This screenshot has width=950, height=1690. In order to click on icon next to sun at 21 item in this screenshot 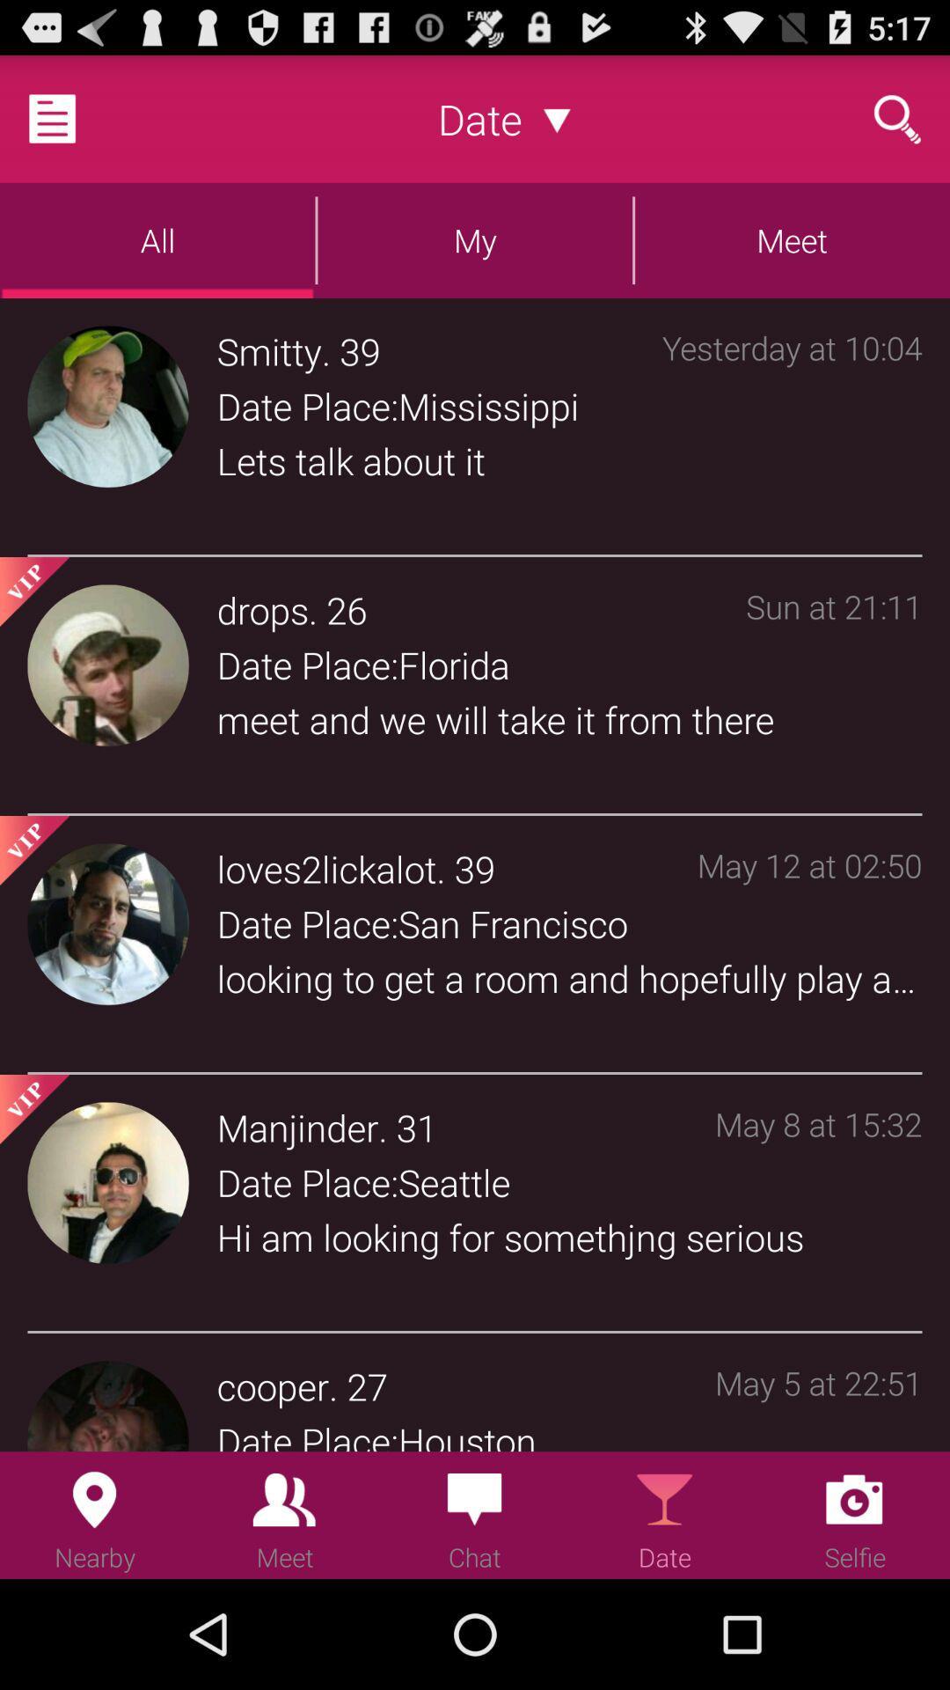, I will do `click(347, 609)`.